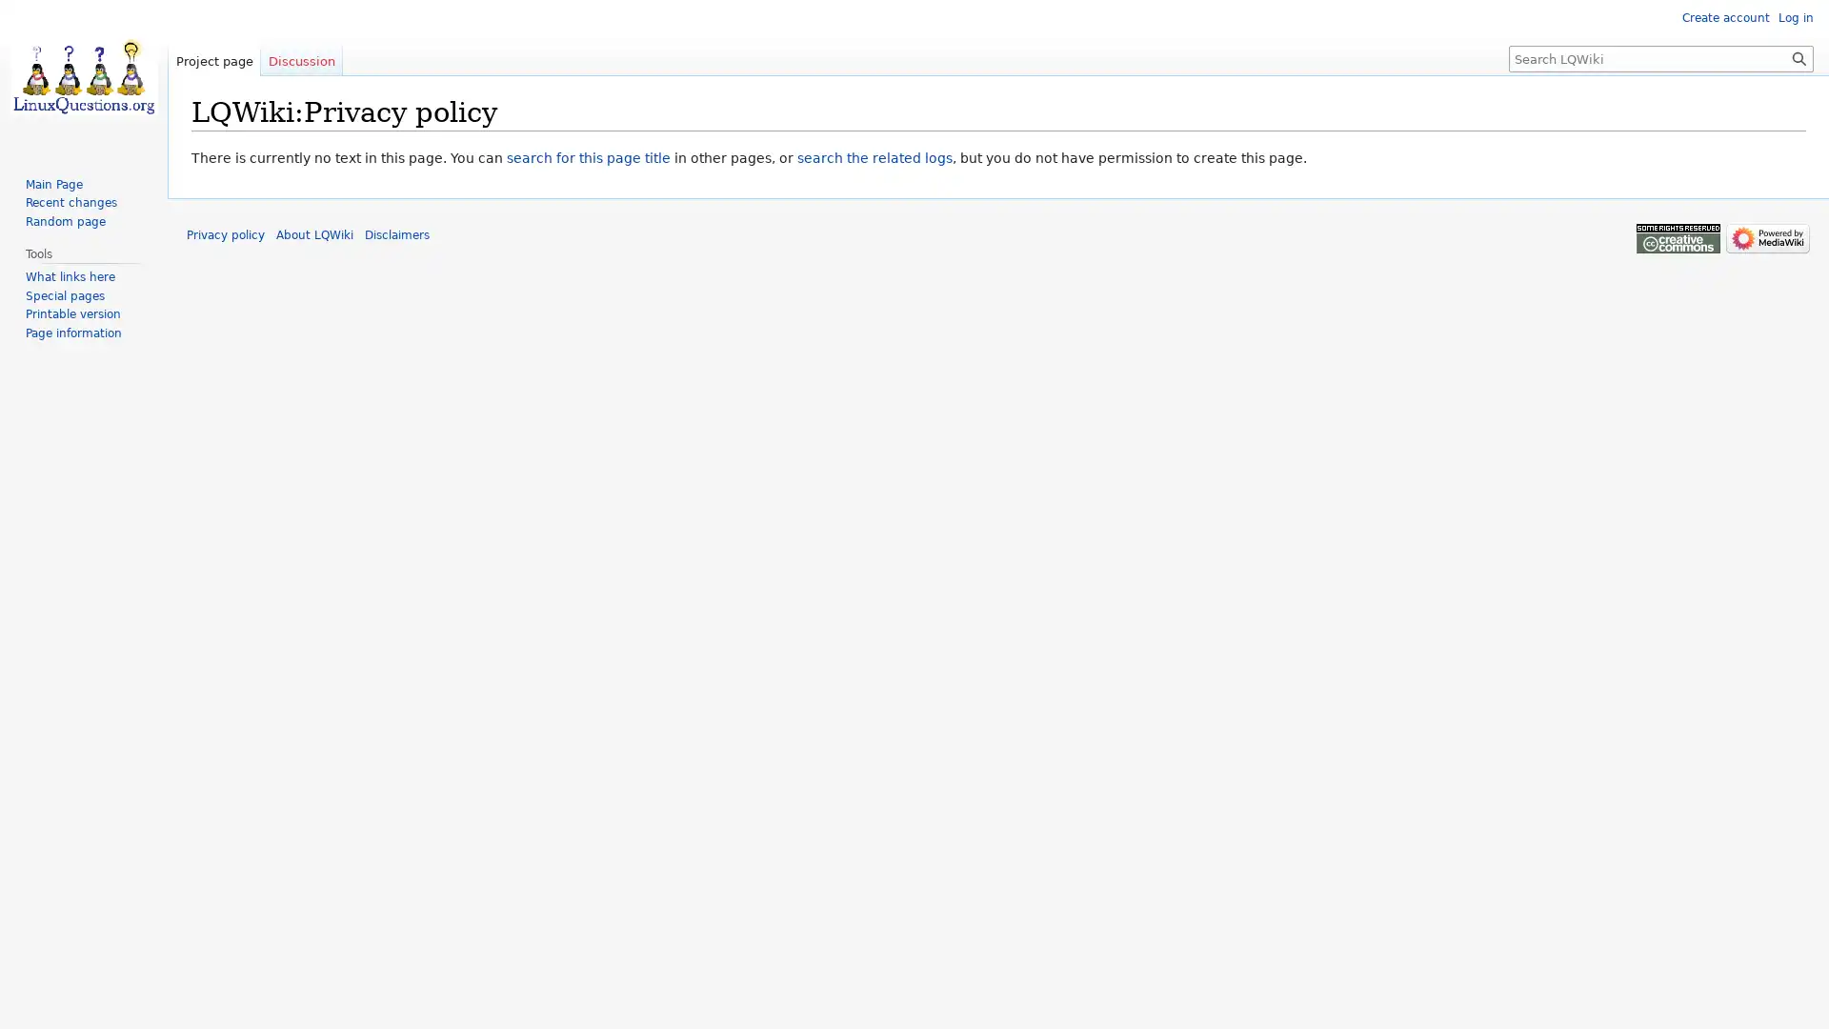  What do you see at coordinates (1799, 57) in the screenshot?
I see `Go` at bounding box center [1799, 57].